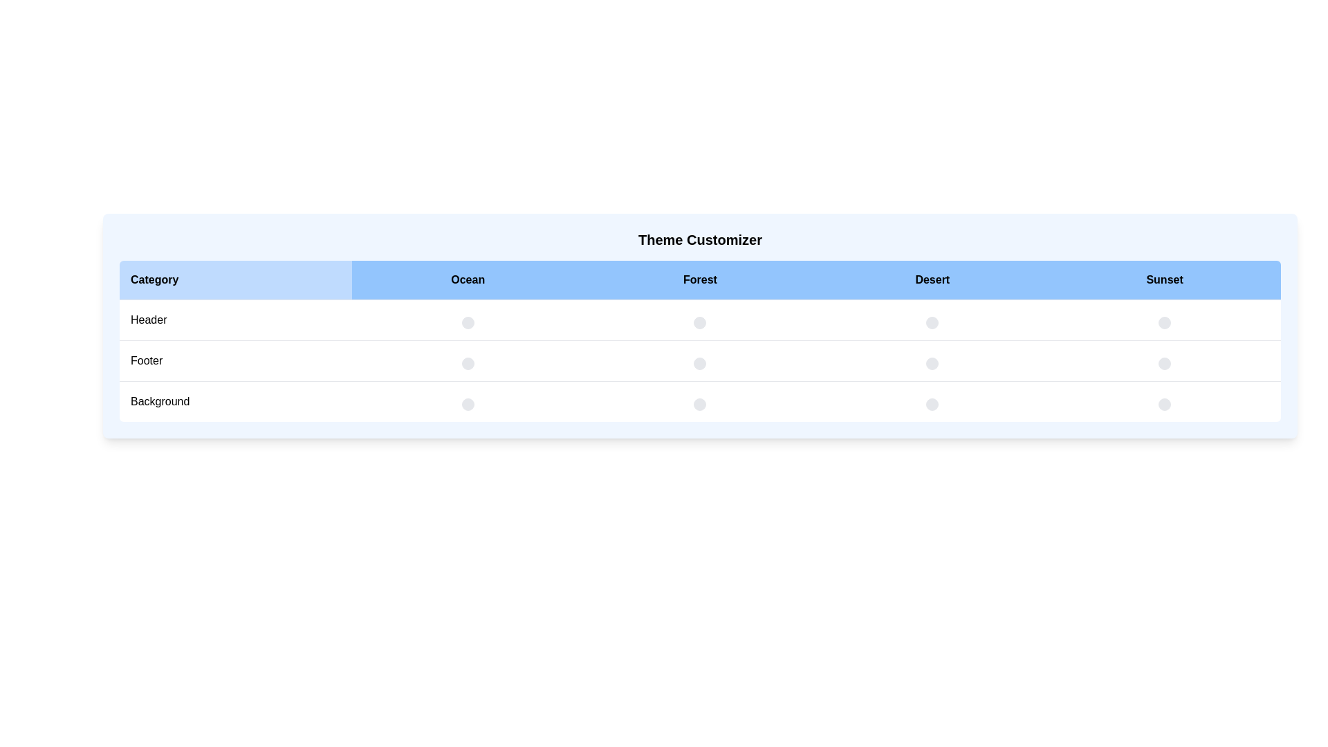 The height and width of the screenshot is (747, 1328). Describe the element at coordinates (932, 405) in the screenshot. I see `the small, circular gray button located in the 'Desert' column of the 'Background' row in the 'Theme Customizer' section` at that location.